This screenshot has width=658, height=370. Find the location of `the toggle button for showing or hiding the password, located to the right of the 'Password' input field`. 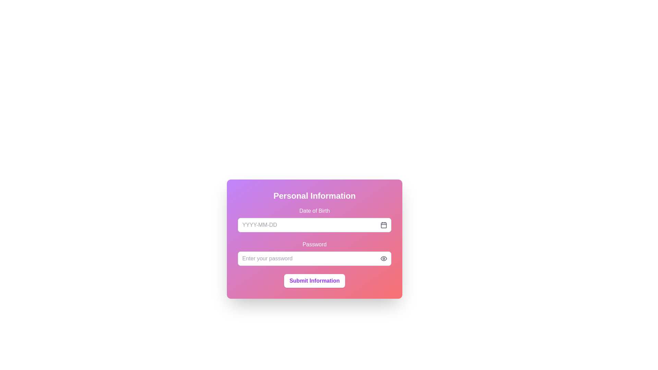

the toggle button for showing or hiding the password, located to the right of the 'Password' input field is located at coordinates (383, 259).